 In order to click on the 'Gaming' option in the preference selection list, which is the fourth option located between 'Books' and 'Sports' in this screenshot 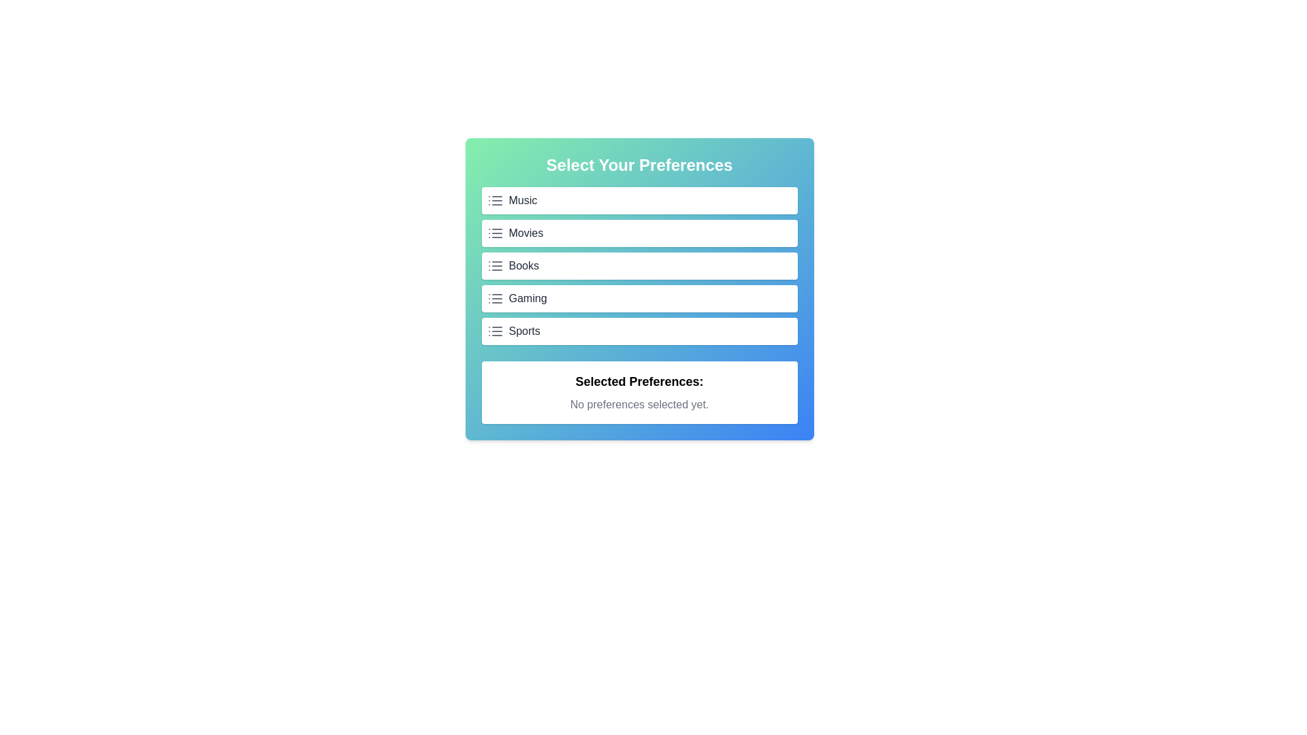, I will do `click(639, 288)`.